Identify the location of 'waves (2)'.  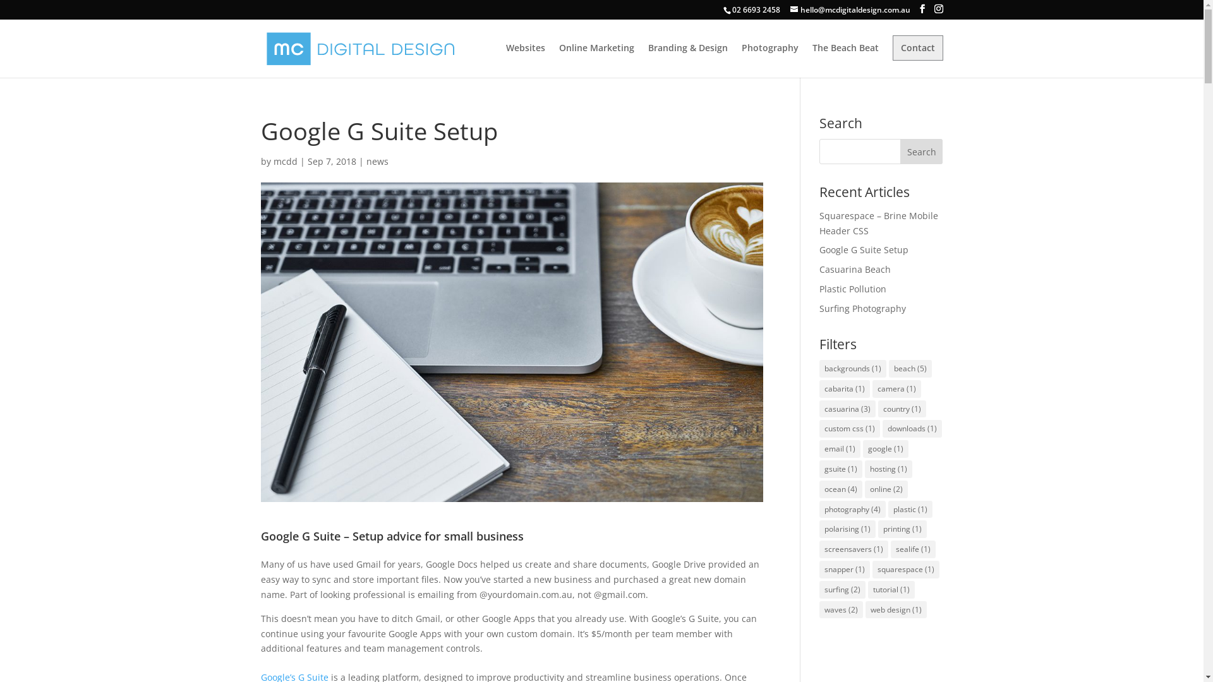
(841, 609).